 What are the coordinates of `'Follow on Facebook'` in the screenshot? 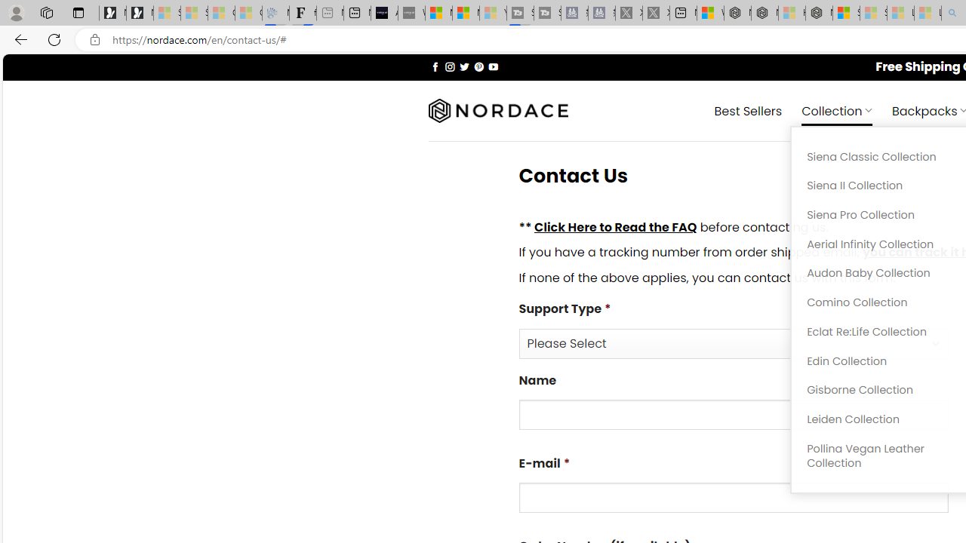 It's located at (435, 66).